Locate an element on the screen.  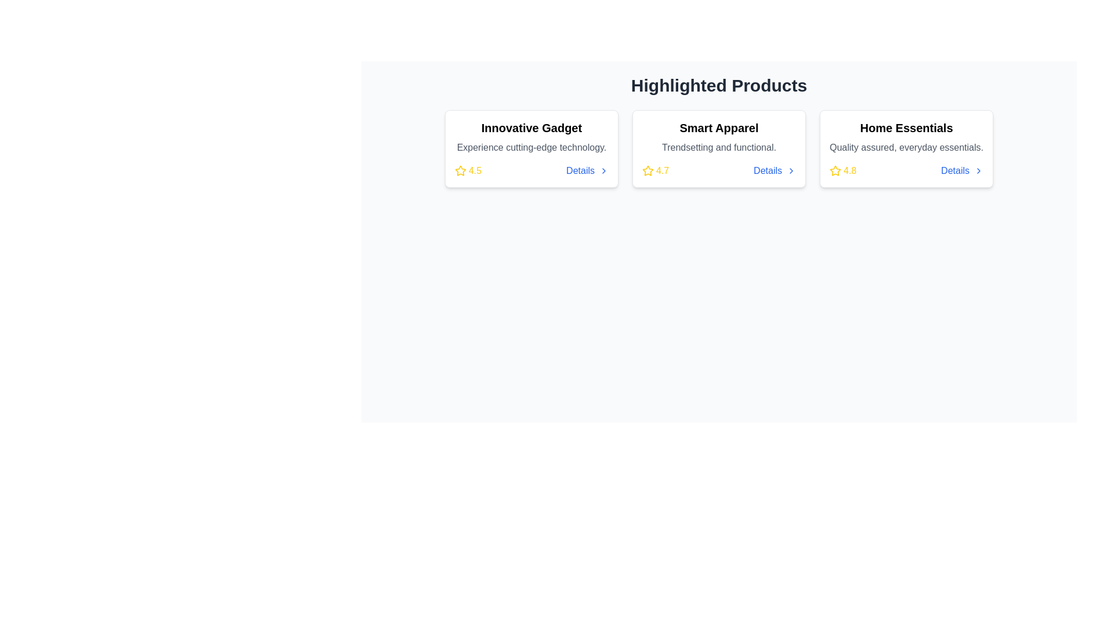
title label of the product category located in the third card, positioned above the text 'Quality assured, everyday essentials.' is located at coordinates (906, 128).